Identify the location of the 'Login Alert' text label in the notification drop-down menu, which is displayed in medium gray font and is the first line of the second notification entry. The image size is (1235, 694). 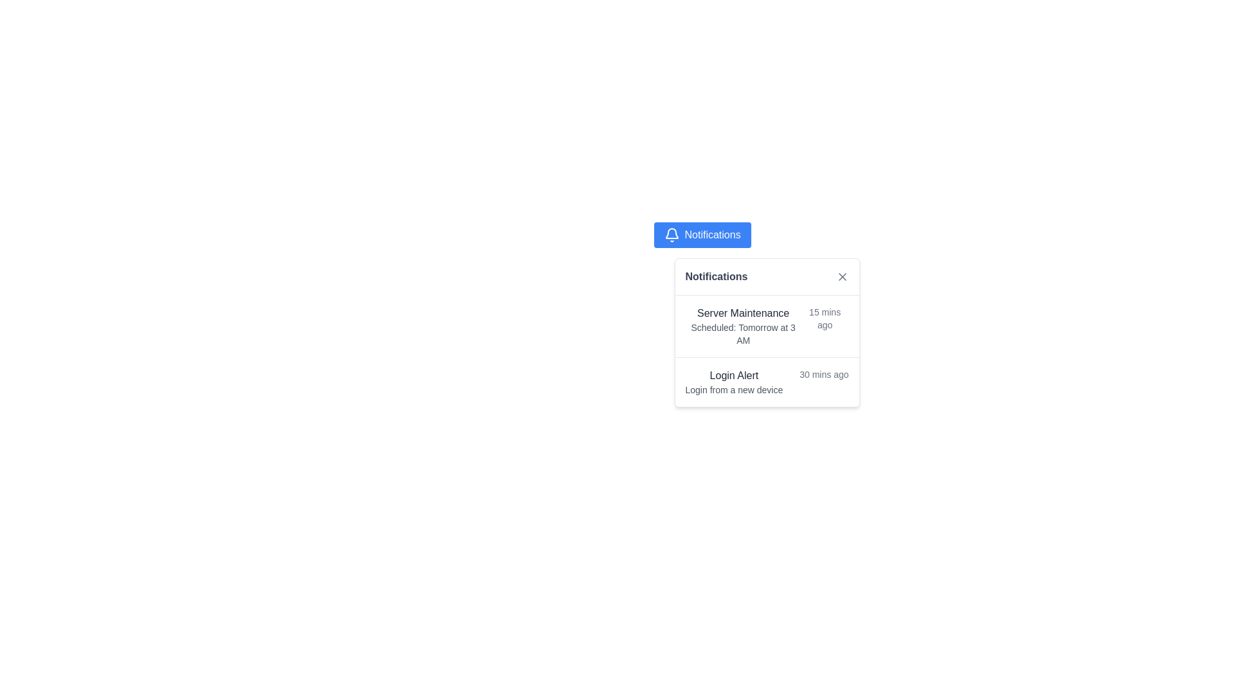
(734, 376).